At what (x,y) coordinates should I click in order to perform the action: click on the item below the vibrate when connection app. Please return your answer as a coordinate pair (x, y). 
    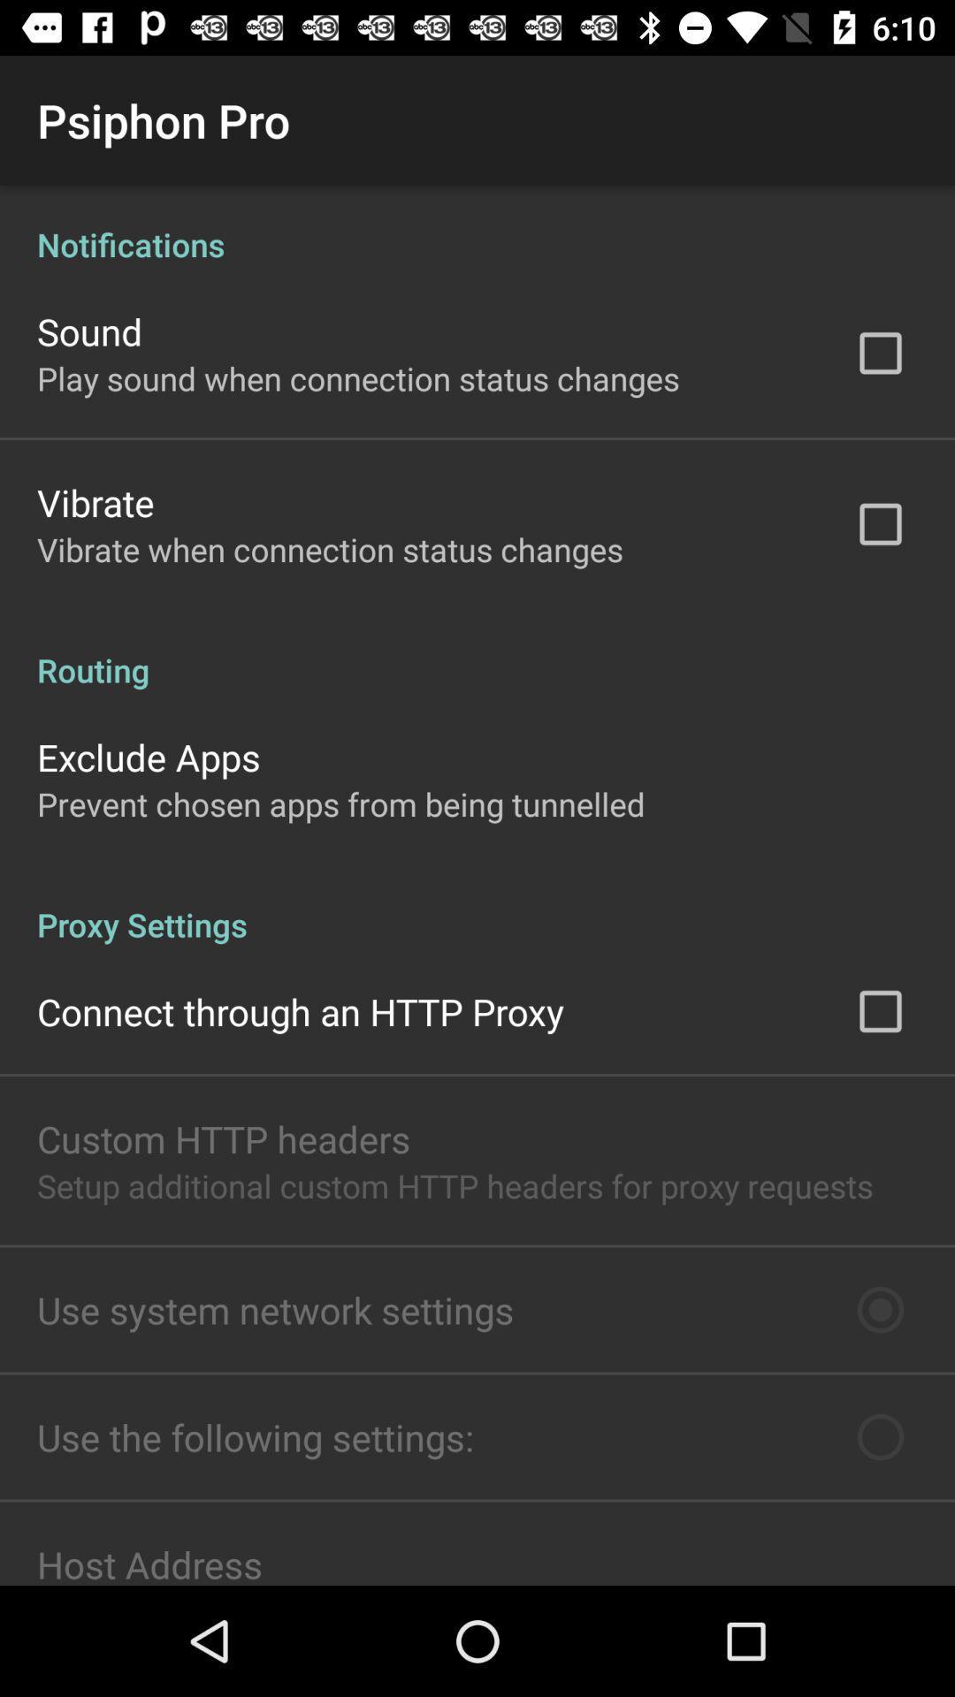
    Looking at the image, I should click on (477, 651).